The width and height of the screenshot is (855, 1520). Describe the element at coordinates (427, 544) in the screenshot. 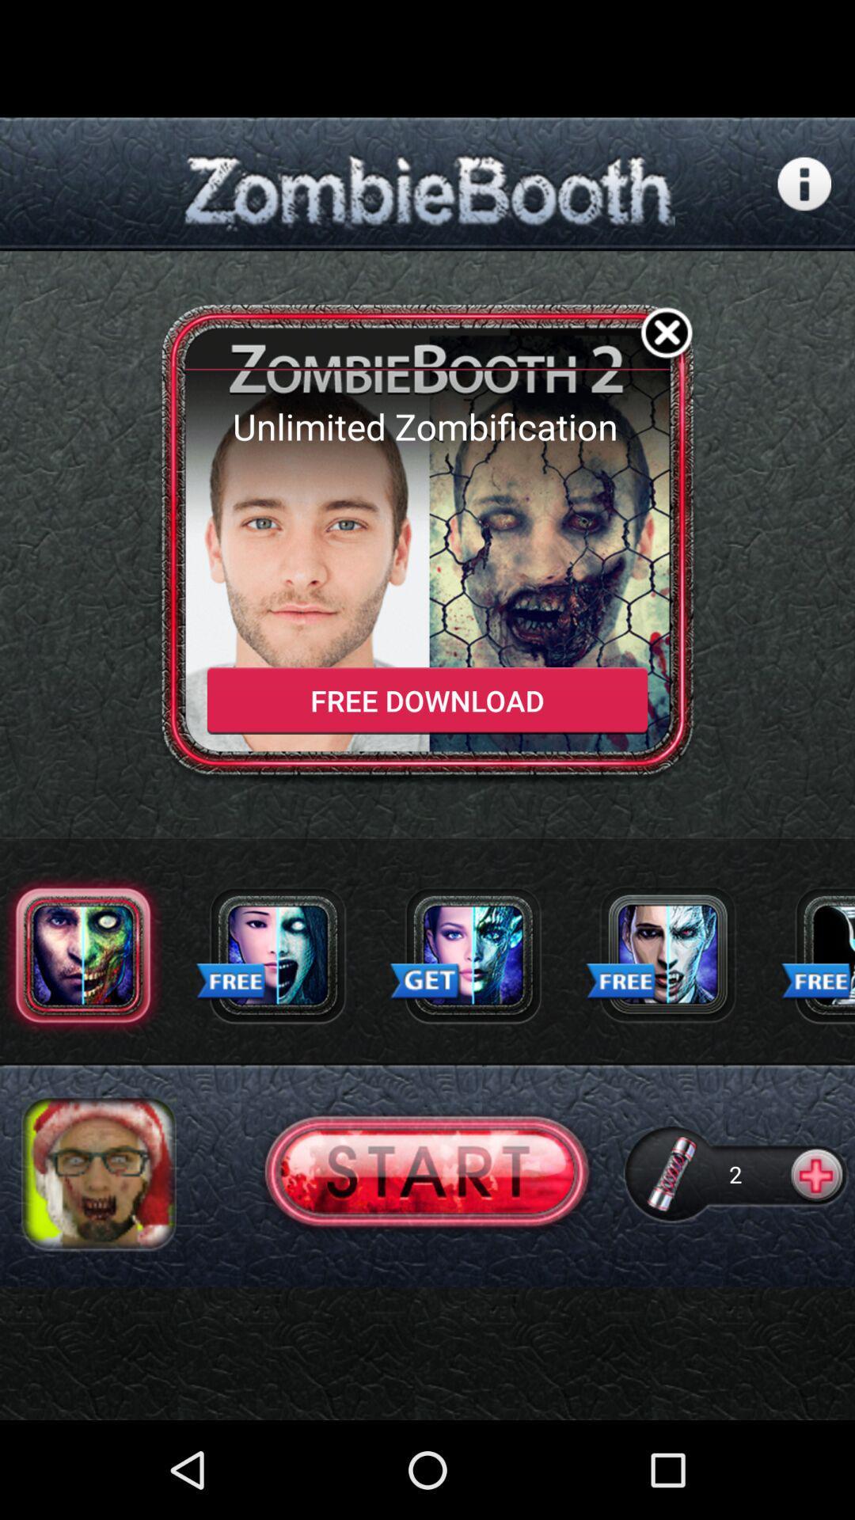

I see `the image at middle of the page` at that location.